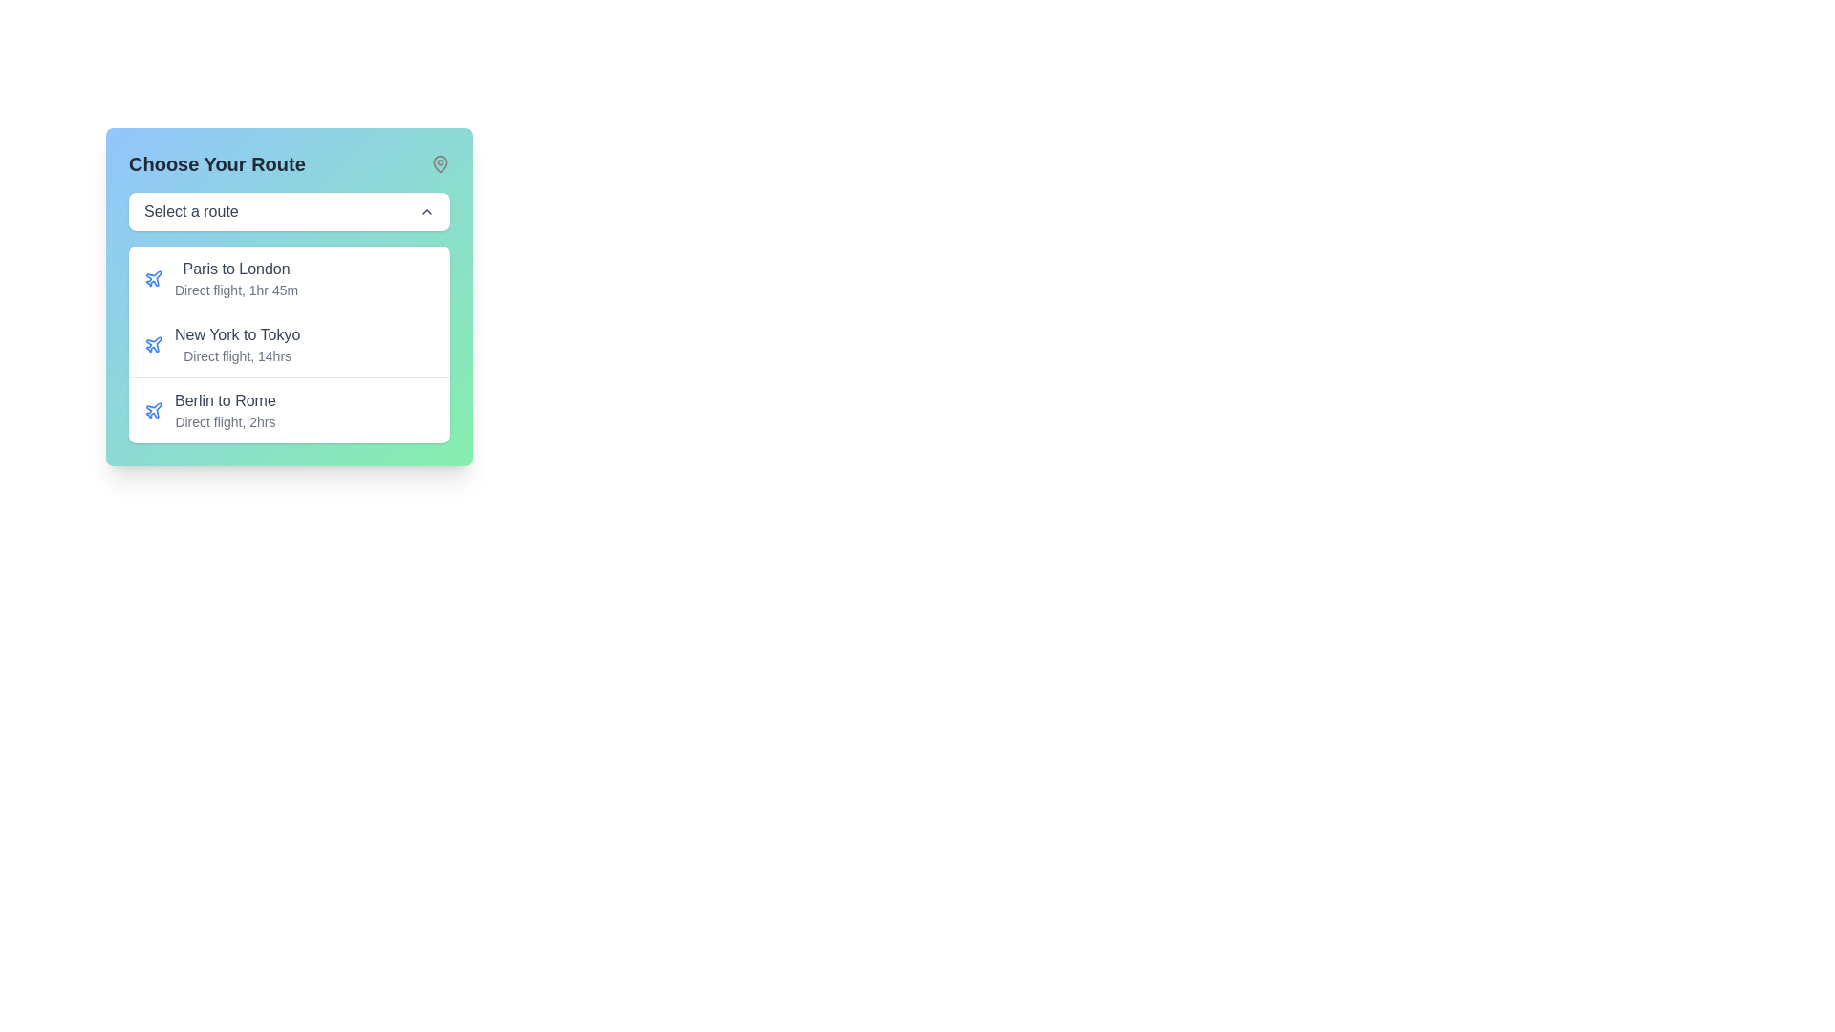 The image size is (1835, 1032). Describe the element at coordinates (225, 421) in the screenshot. I see `the static text label displaying 'Direct flight, 2hrs' which is located beneath the main route title for 'Berlin to Rome'` at that location.